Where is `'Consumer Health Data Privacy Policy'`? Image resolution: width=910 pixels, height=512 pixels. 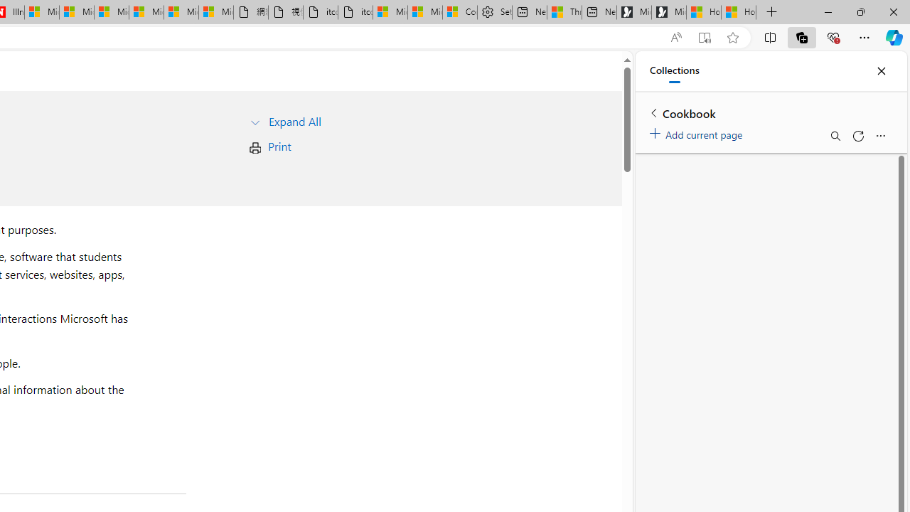
'Consumer Health Data Privacy Policy' is located at coordinates (460, 12).